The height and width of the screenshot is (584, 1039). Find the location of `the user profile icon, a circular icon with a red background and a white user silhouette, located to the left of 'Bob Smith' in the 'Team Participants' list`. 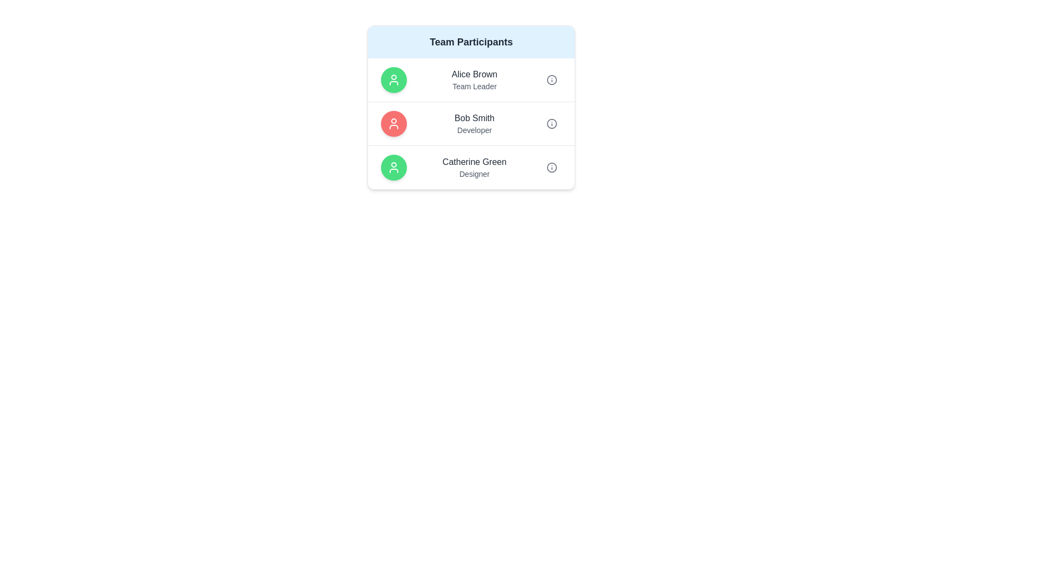

the user profile icon, a circular icon with a red background and a white user silhouette, located to the left of 'Bob Smith' in the 'Team Participants' list is located at coordinates (393, 123).